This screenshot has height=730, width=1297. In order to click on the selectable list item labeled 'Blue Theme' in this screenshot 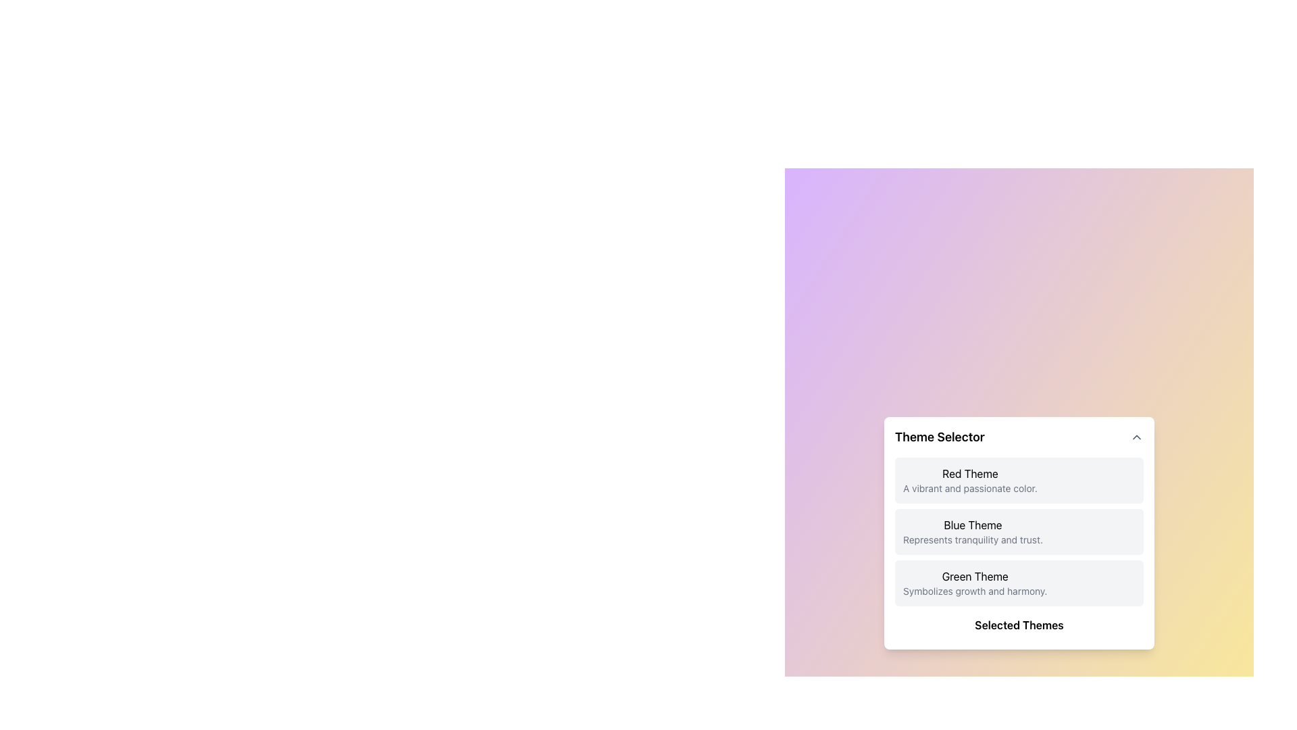, I will do `click(1019, 531)`.